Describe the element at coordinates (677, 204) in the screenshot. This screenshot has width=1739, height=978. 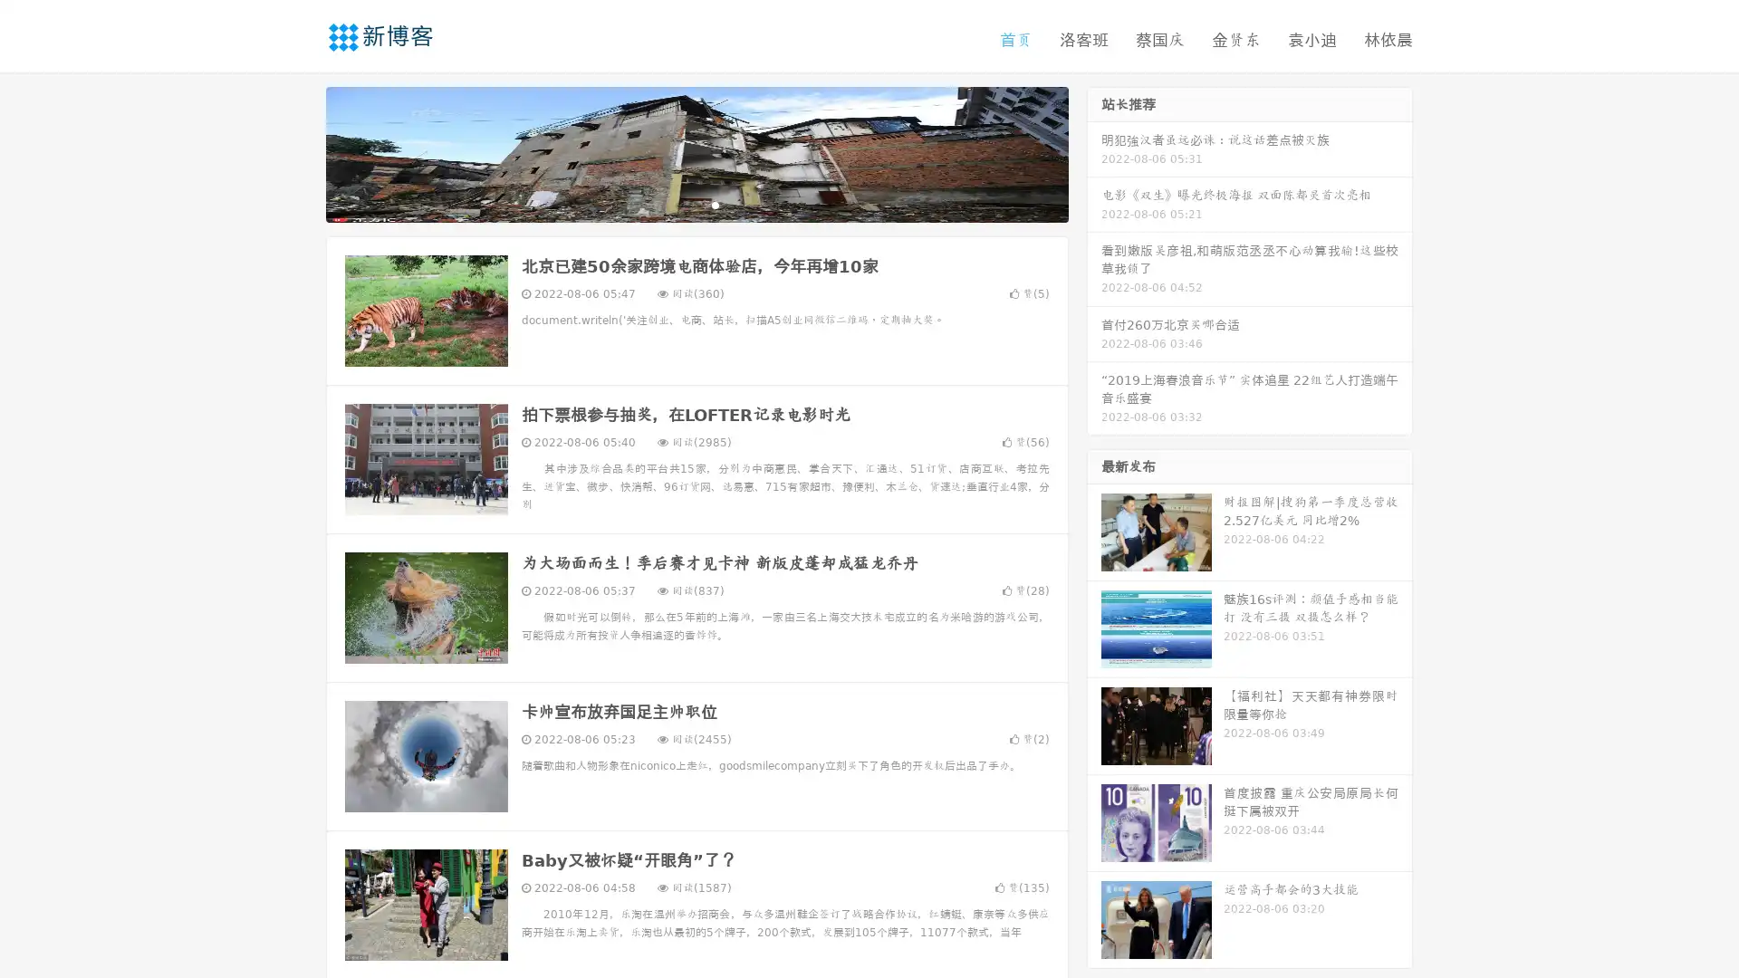
I see `Go to slide 1` at that location.